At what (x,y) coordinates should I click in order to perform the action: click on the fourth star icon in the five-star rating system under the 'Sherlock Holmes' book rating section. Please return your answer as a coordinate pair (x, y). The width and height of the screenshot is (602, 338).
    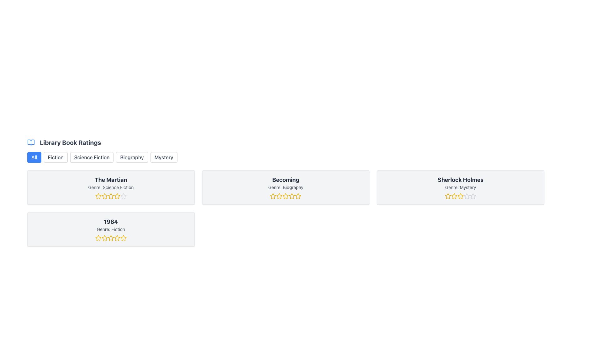
    Looking at the image, I should click on (467, 196).